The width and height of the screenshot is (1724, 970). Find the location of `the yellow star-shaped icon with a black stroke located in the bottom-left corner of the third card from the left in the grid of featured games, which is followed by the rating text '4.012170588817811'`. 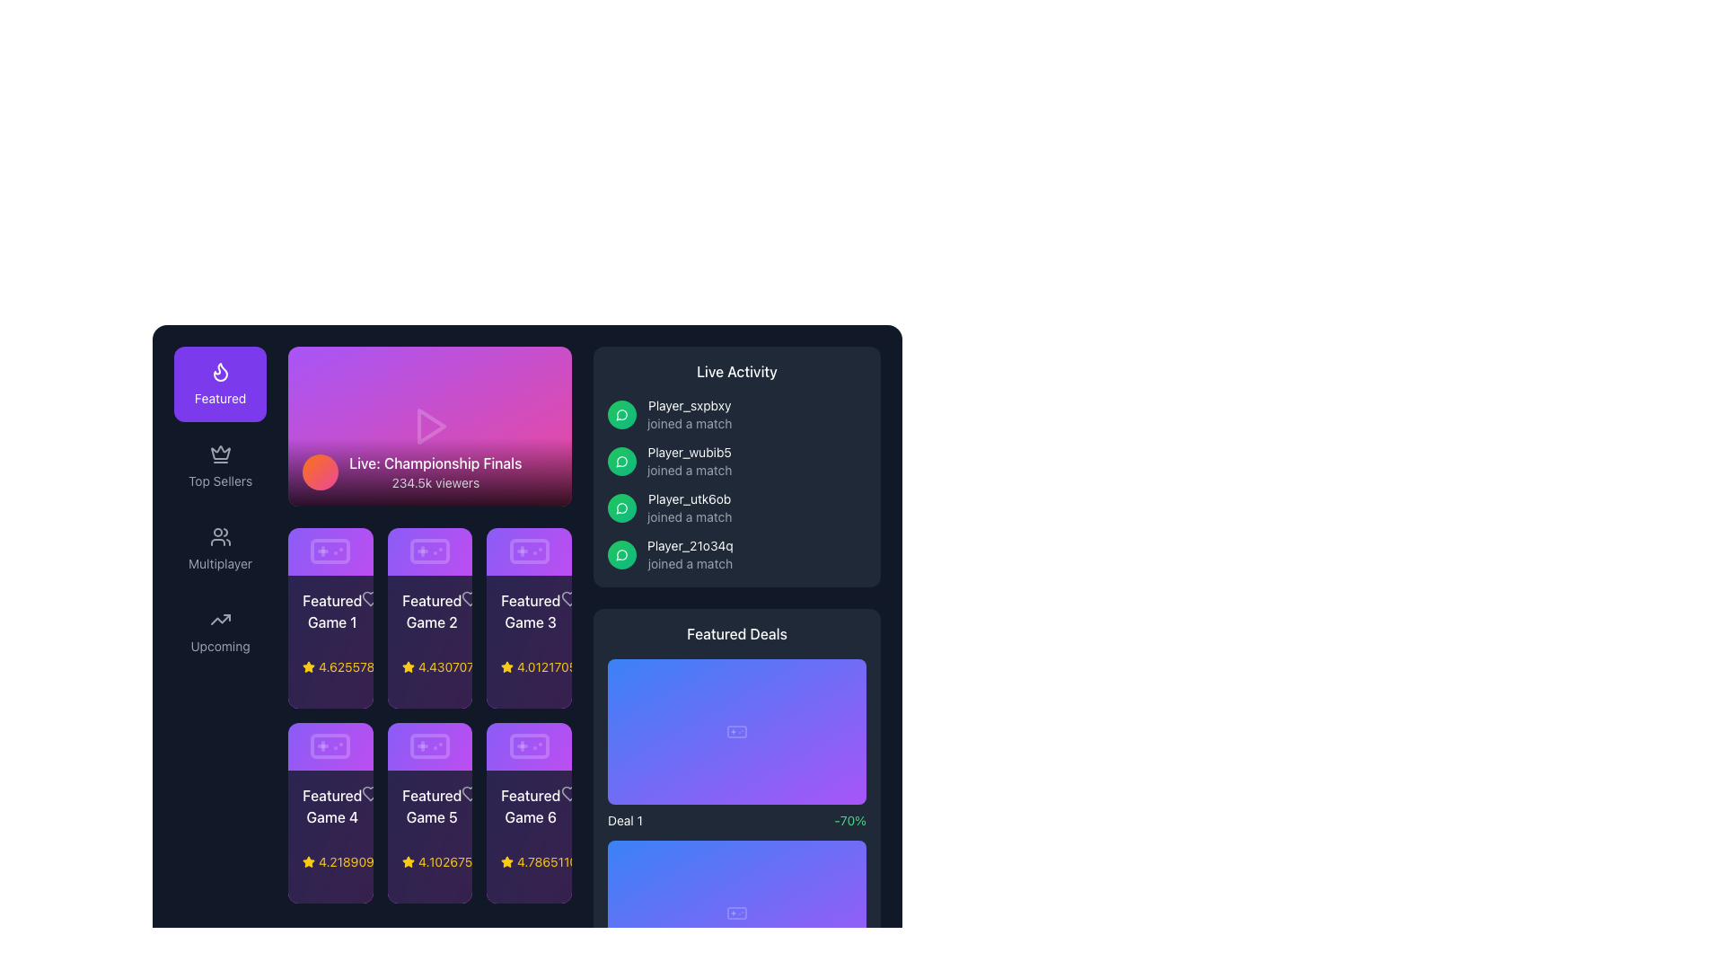

the yellow star-shaped icon with a black stroke located in the bottom-left corner of the third card from the left in the grid of featured games, which is followed by the rating text '4.012170588817811' is located at coordinates (506, 666).